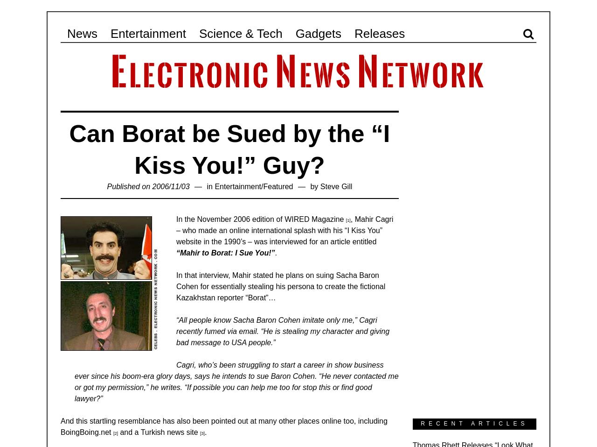 This screenshot has width=597, height=447. What do you see at coordinates (106, 186) in the screenshot?
I see `'Published on 2006/11/03'` at bounding box center [106, 186].